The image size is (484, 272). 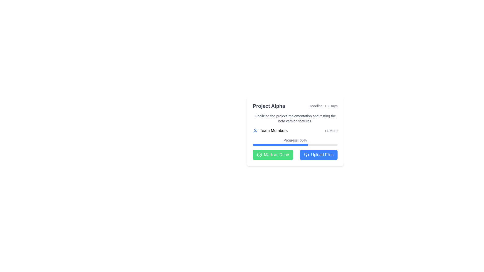 I want to click on text displayed in the static text element that shows 'Progress: 65%', which is styled in a small gray font and is located above the progress bar in the 'Progress' grouping, so click(x=295, y=140).